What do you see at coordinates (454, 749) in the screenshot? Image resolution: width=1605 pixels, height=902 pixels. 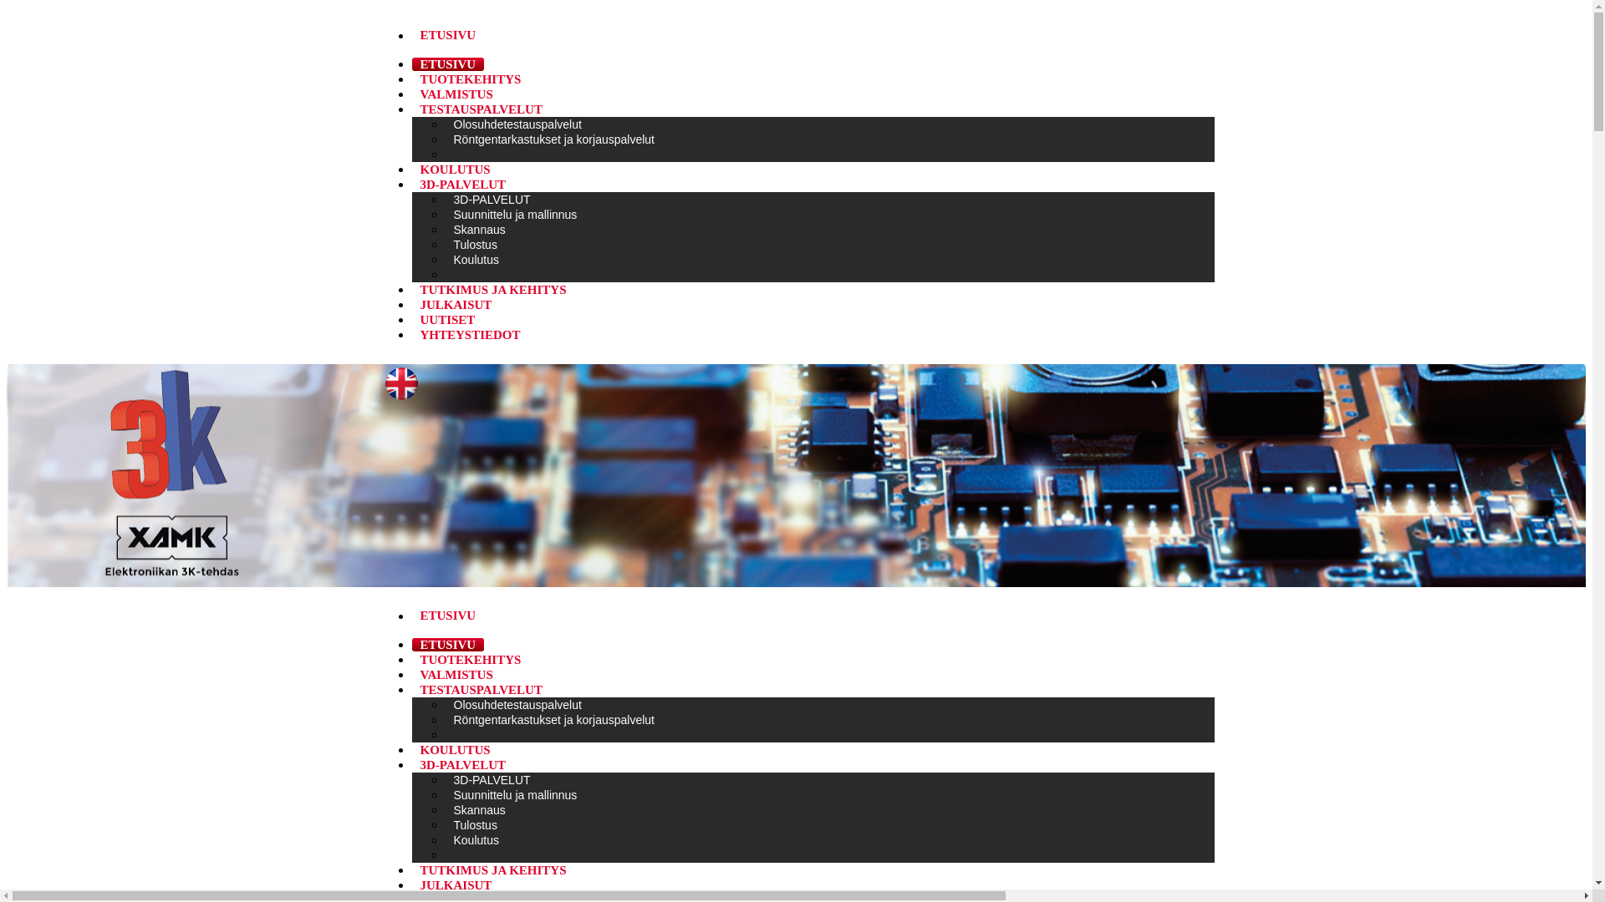 I see `'KOULUTUS'` at bounding box center [454, 749].